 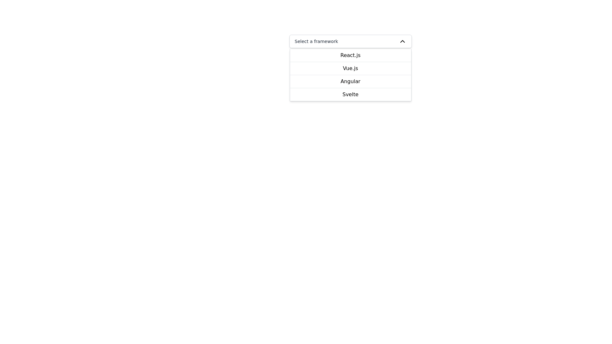 I want to click on the 'Angular' dropdown menu item, which is the third option in the dropdown list located between 'Vue.js' and 'Svelte', so click(x=350, y=81).